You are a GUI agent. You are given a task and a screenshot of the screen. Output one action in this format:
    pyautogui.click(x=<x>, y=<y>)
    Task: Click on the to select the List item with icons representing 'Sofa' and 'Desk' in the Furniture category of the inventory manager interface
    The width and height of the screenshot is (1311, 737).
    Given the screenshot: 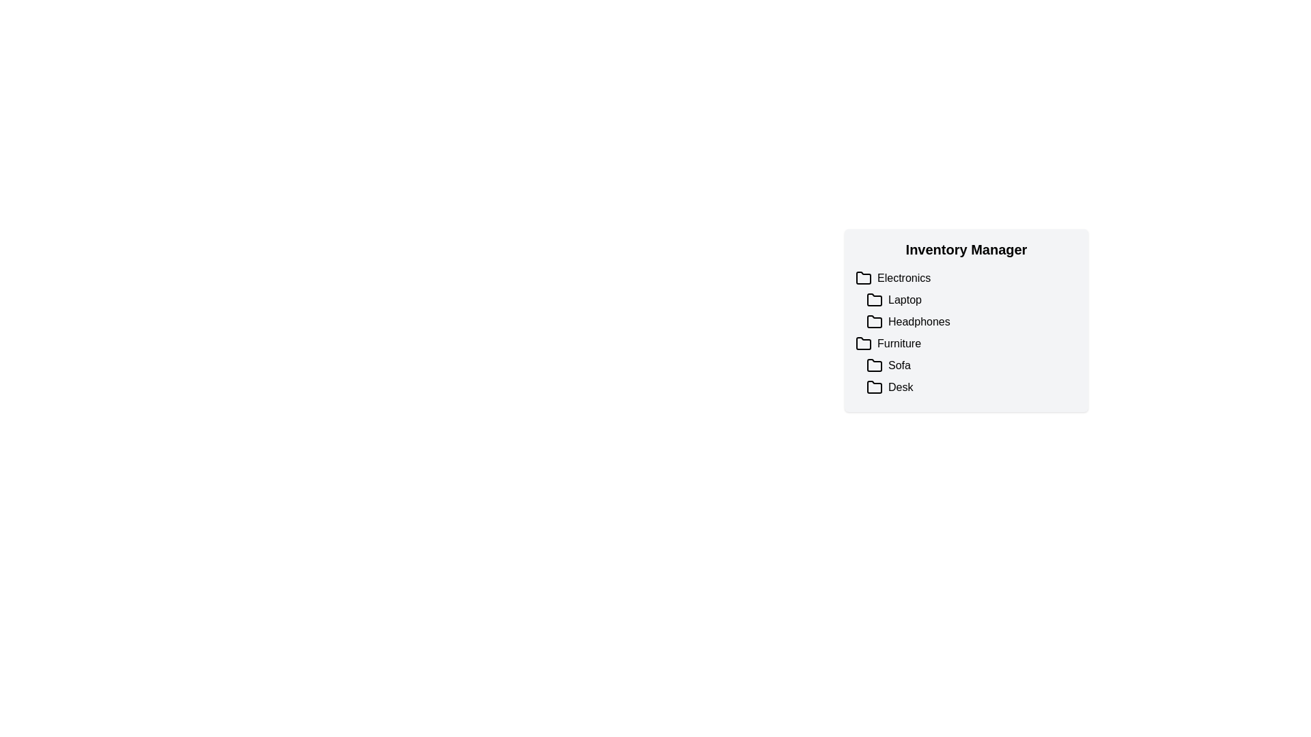 What is the action you would take?
    pyautogui.click(x=971, y=376)
    